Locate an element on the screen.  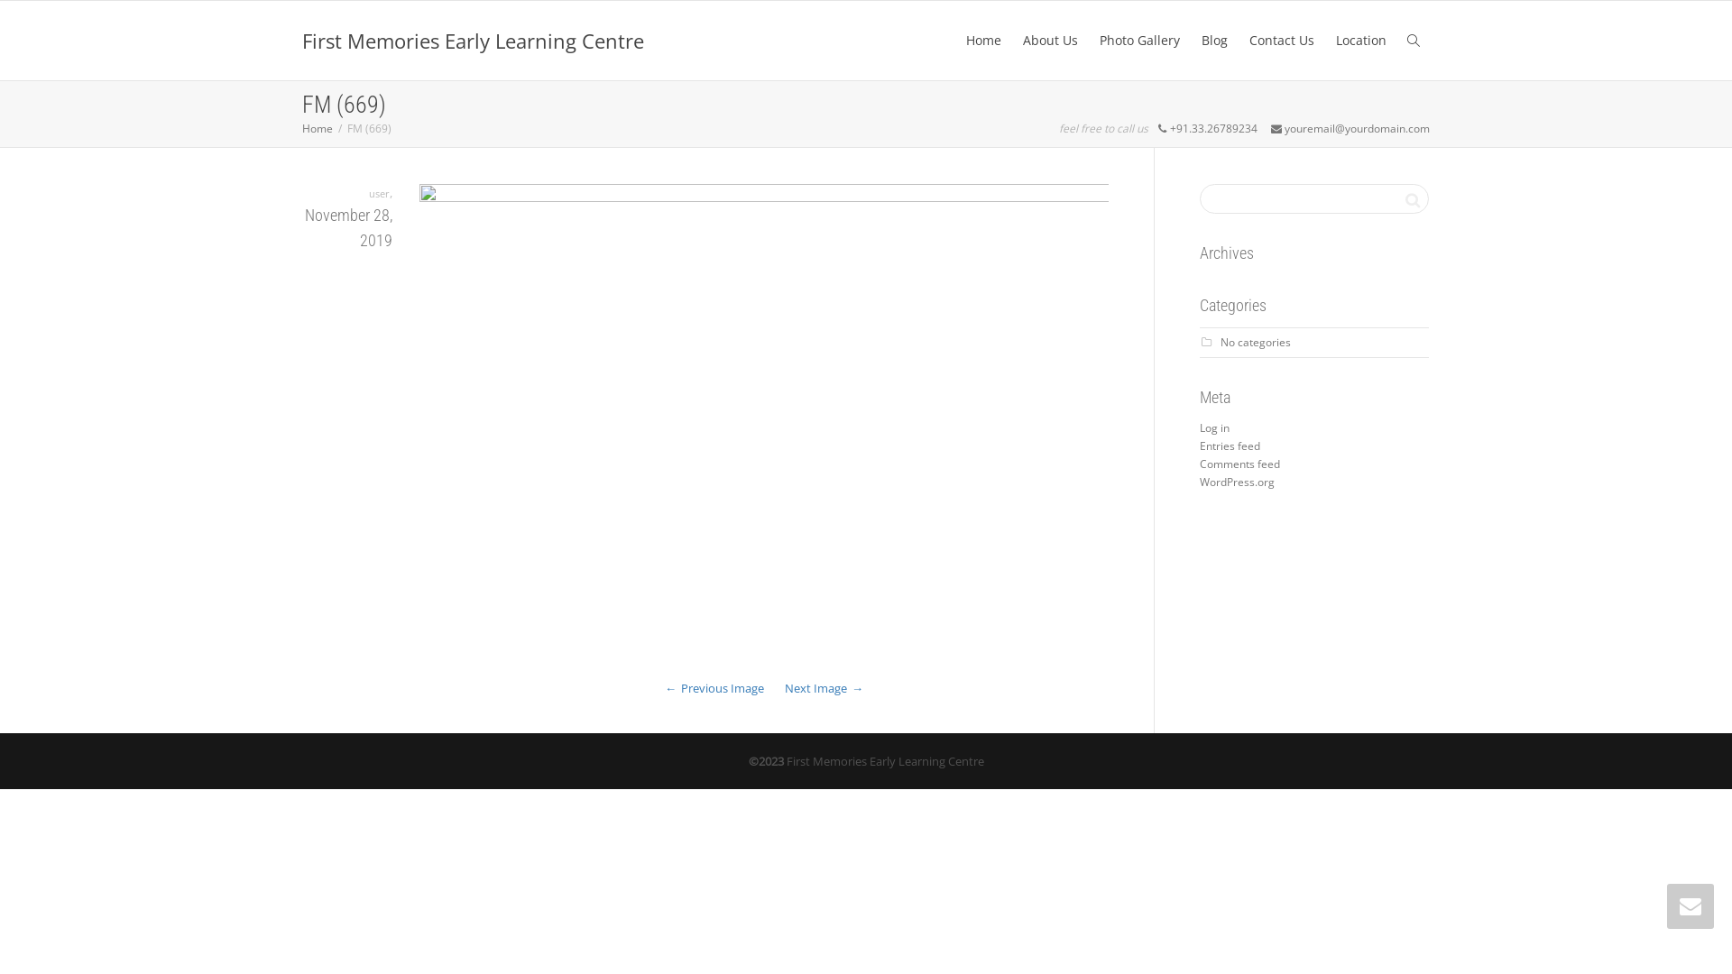
'Location' is located at coordinates (1360, 41).